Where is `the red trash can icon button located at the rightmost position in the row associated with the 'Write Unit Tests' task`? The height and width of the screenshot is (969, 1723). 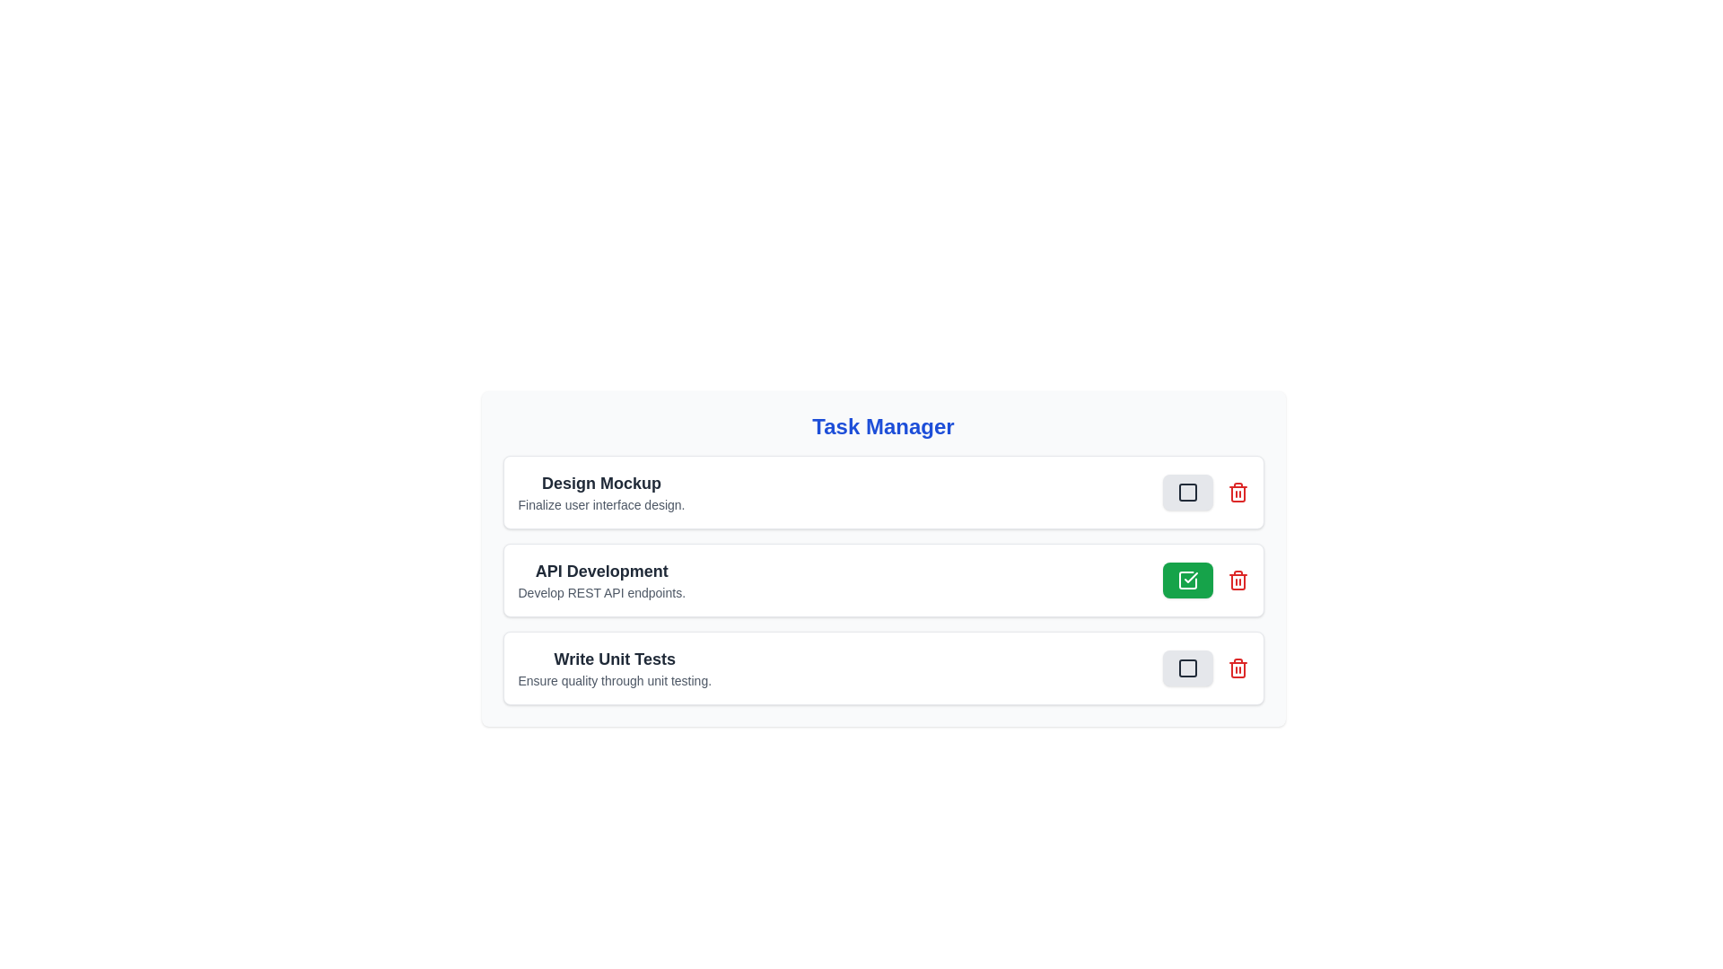
the red trash can icon button located at the rightmost position in the row associated with the 'Write Unit Tests' task is located at coordinates (1237, 668).